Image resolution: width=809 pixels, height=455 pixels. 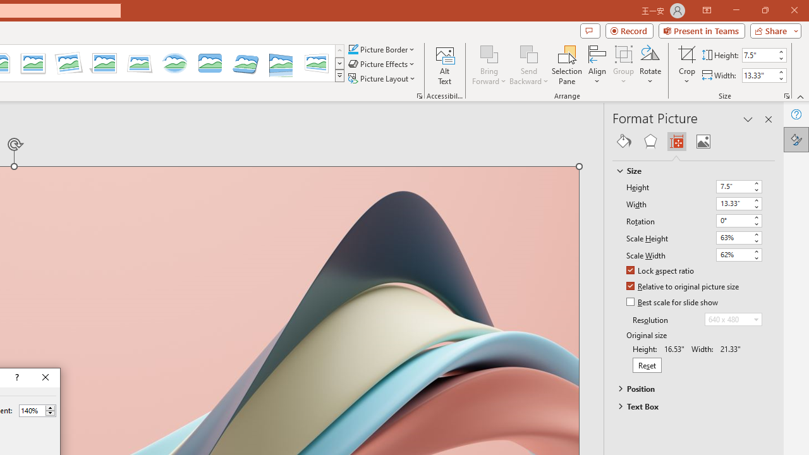 I want to click on 'Crop', so click(x=686, y=53).